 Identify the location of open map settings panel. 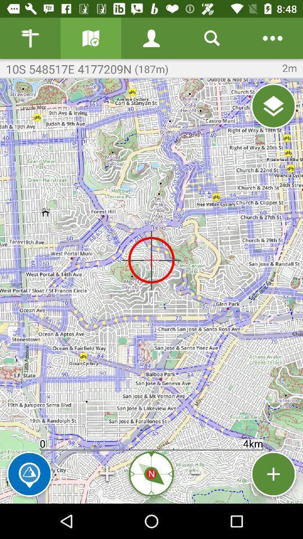
(272, 38).